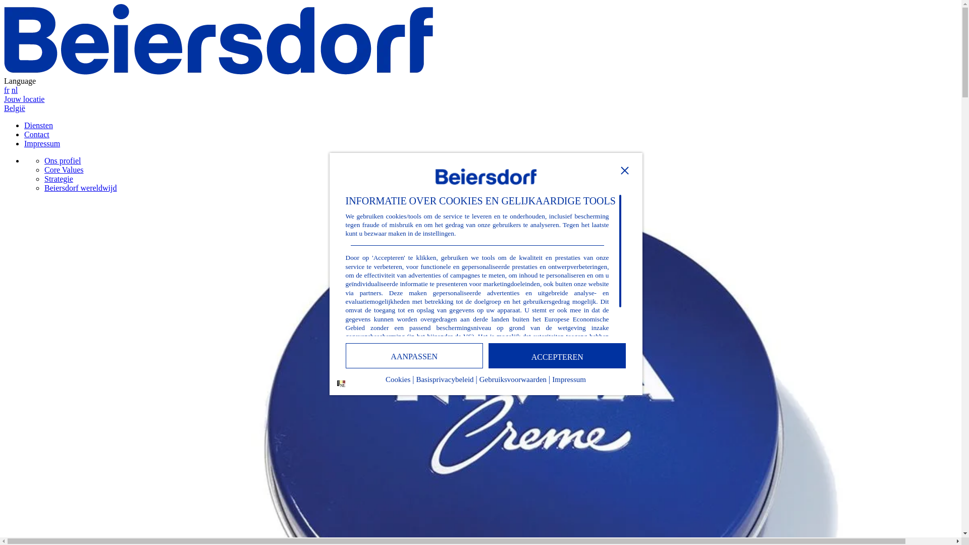  What do you see at coordinates (43, 160) in the screenshot?
I see `'Ons profiel'` at bounding box center [43, 160].